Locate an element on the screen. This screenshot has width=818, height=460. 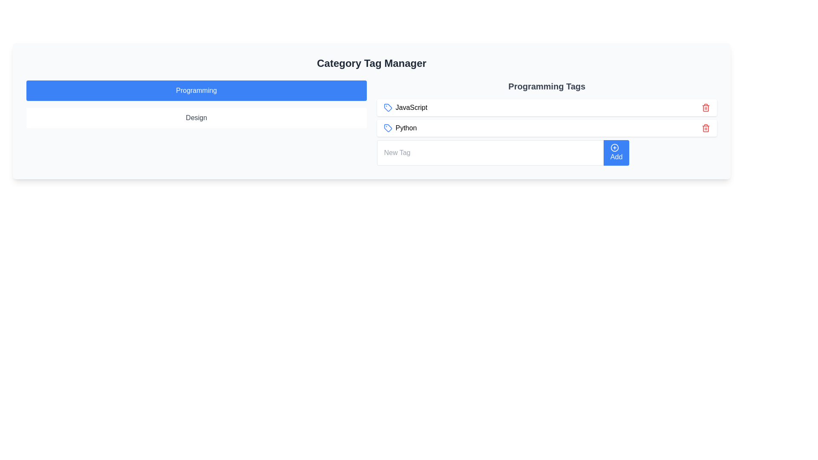
the static text header that indicates the content of the section related to programming tags, which is centrally positioned above the list of programming tags and the input field is located at coordinates (547, 86).